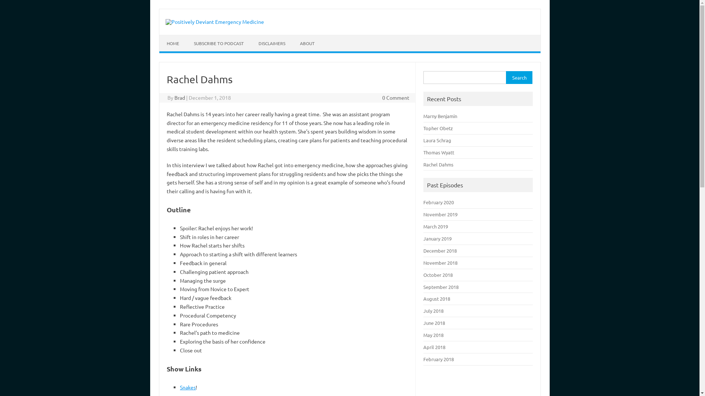  I want to click on 'SUBSCRIBE TO PODCAST', so click(218, 43).